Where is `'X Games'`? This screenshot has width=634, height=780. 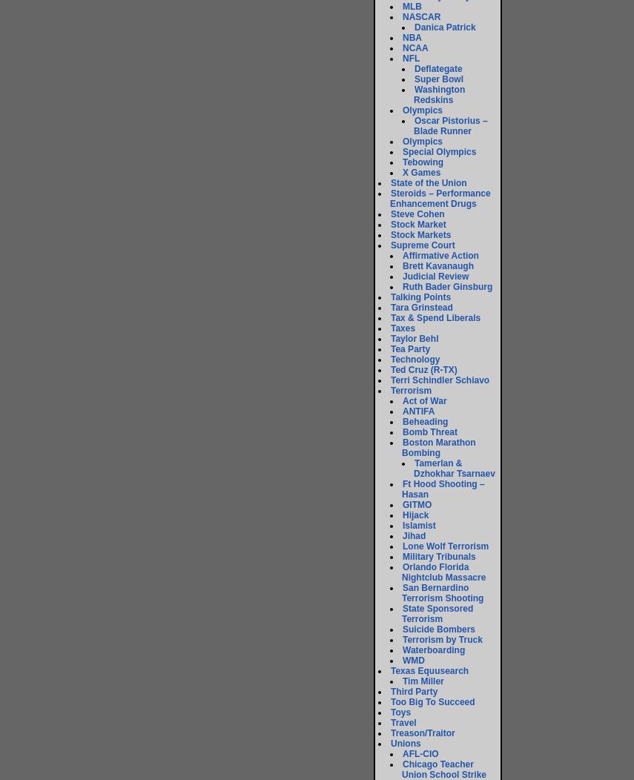 'X Games' is located at coordinates (420, 172).